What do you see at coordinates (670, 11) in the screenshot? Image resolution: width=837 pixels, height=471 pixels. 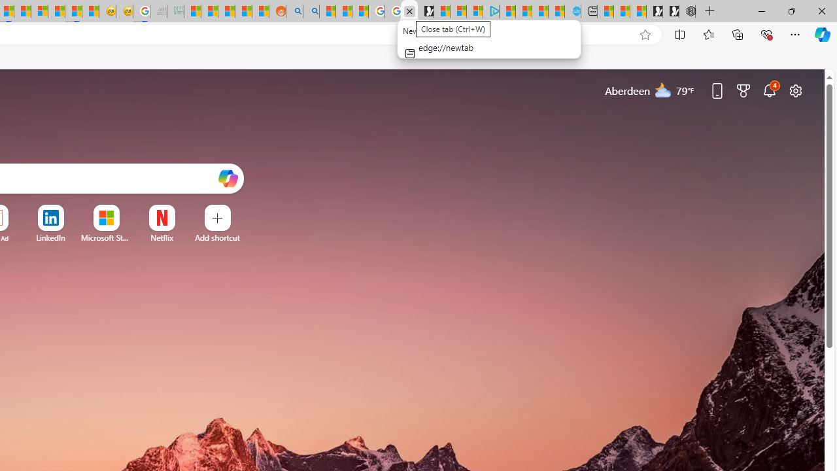 I see `'Play Free Online Games | Games from Microsoft Start'` at bounding box center [670, 11].